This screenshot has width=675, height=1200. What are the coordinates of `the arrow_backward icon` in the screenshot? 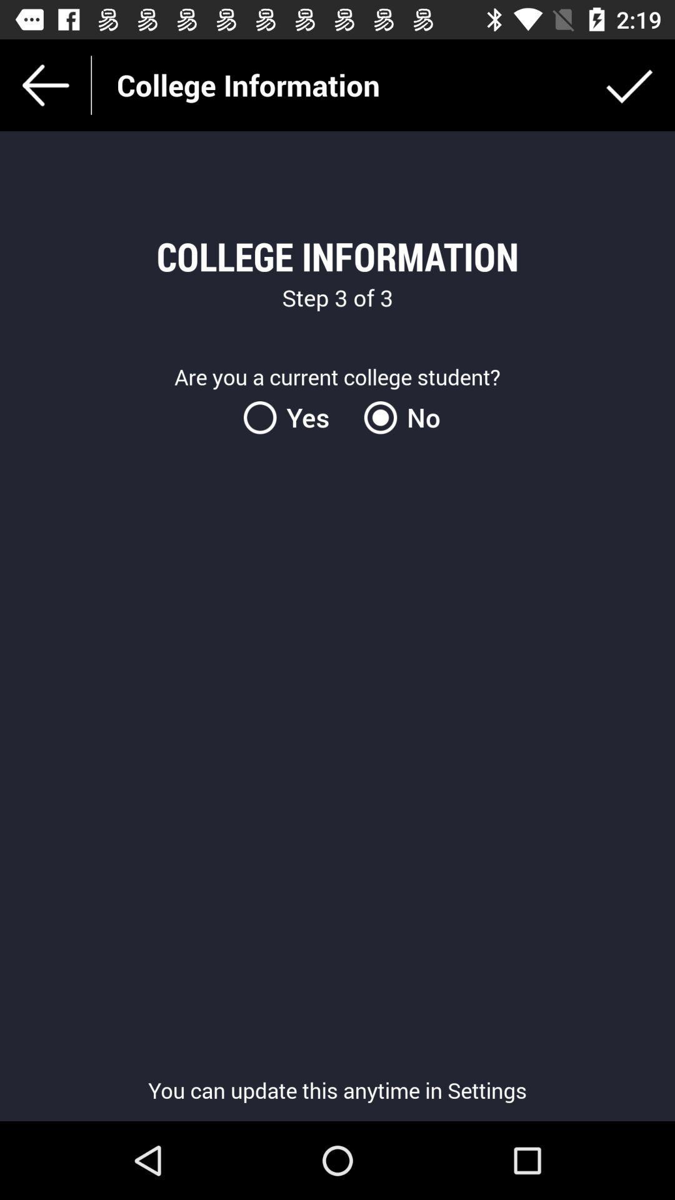 It's located at (45, 84).